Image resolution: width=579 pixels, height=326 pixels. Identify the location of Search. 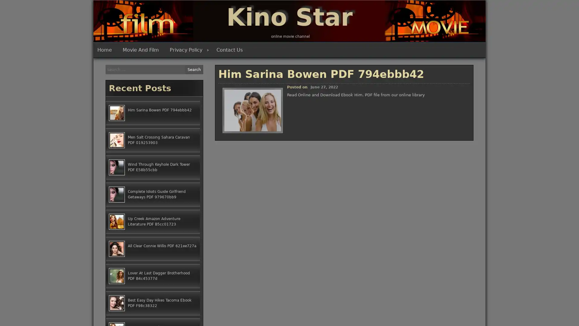
(194, 69).